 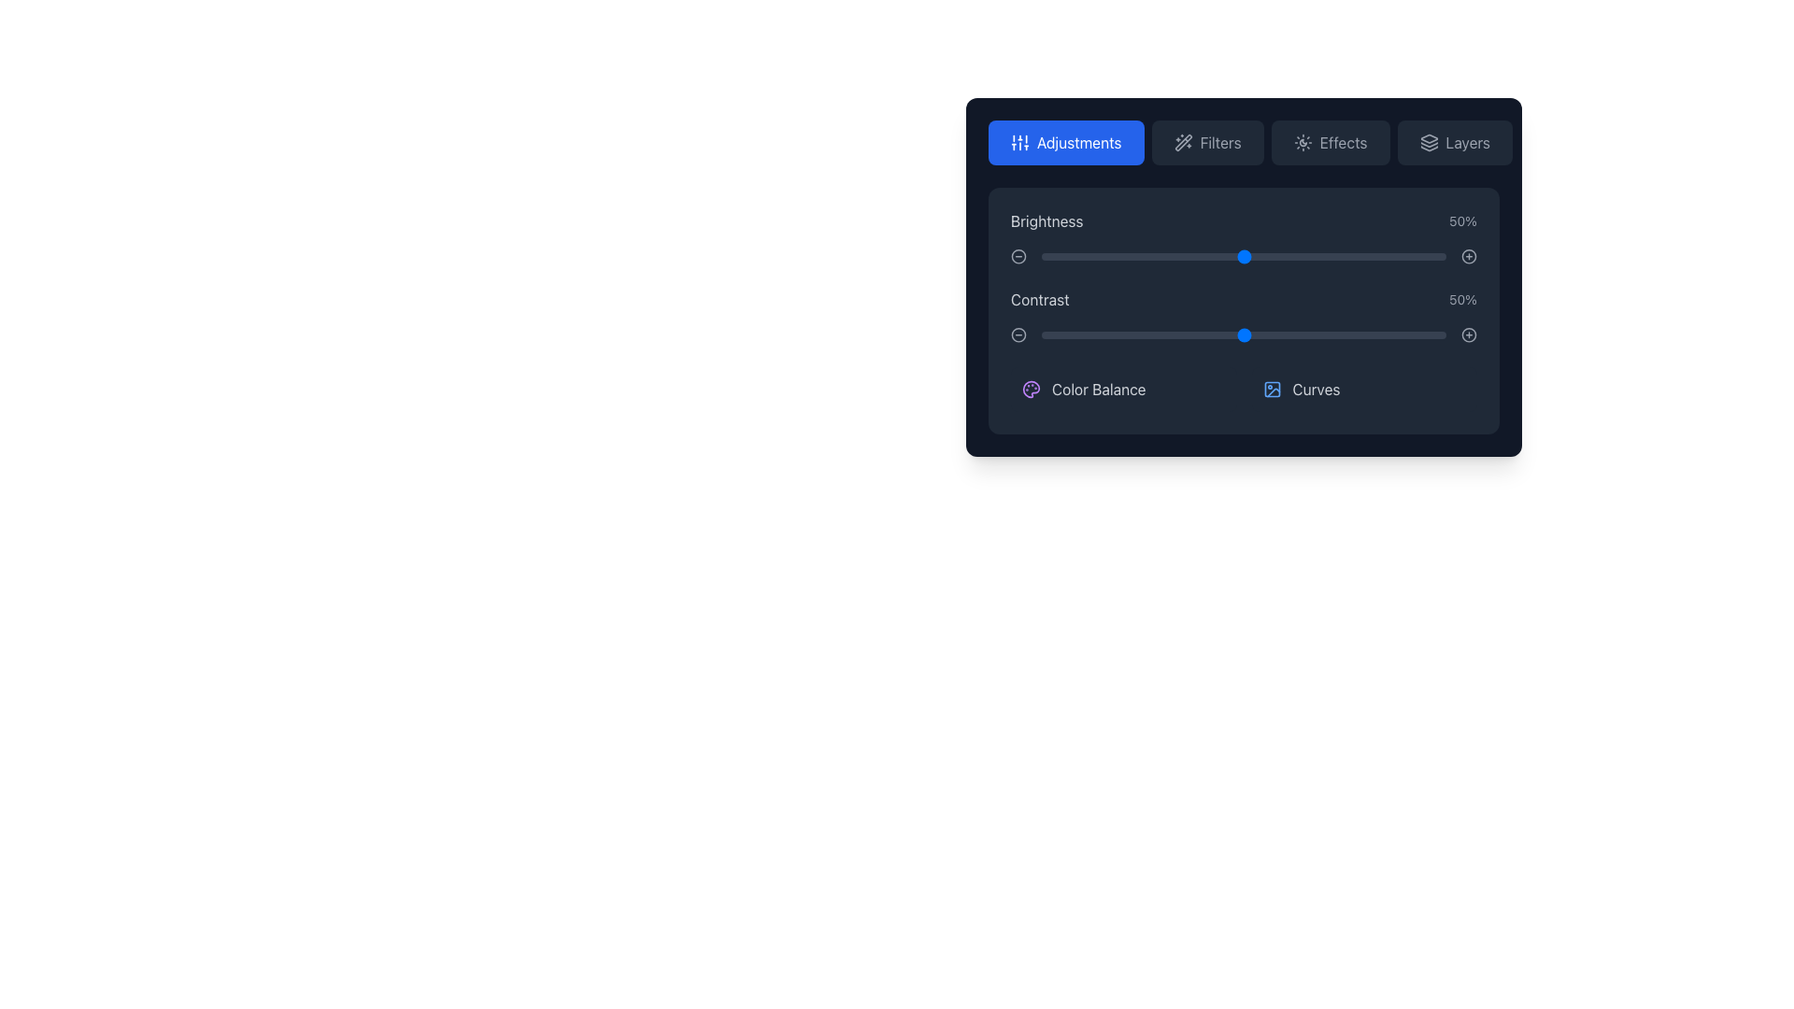 I want to click on contrast, so click(x=1054, y=334).